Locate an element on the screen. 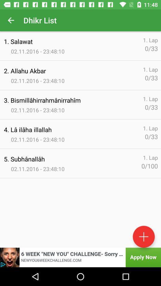  the item above the 1. salawat is located at coordinates (11, 20).